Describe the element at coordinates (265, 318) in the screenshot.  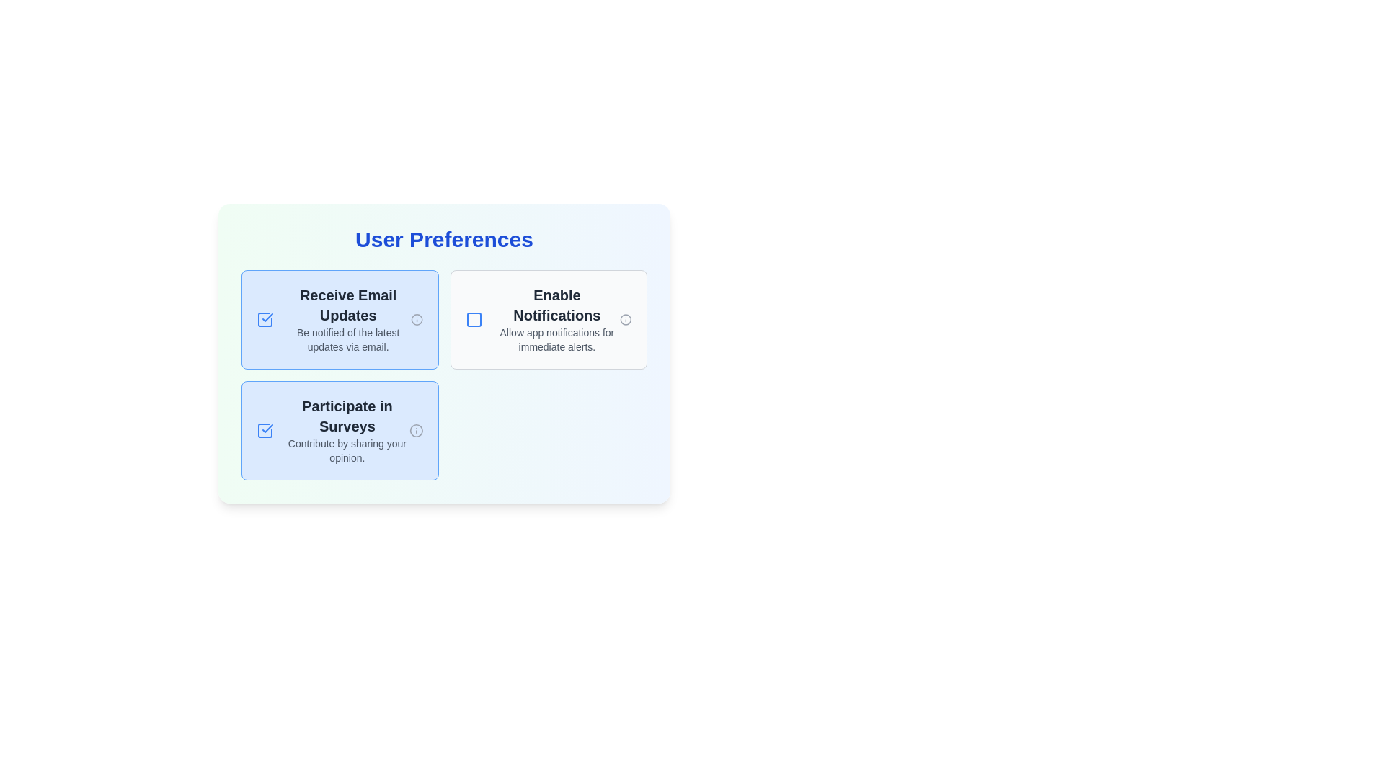
I see `on the checkbox icon for 'Receive Email Updates'` at that location.